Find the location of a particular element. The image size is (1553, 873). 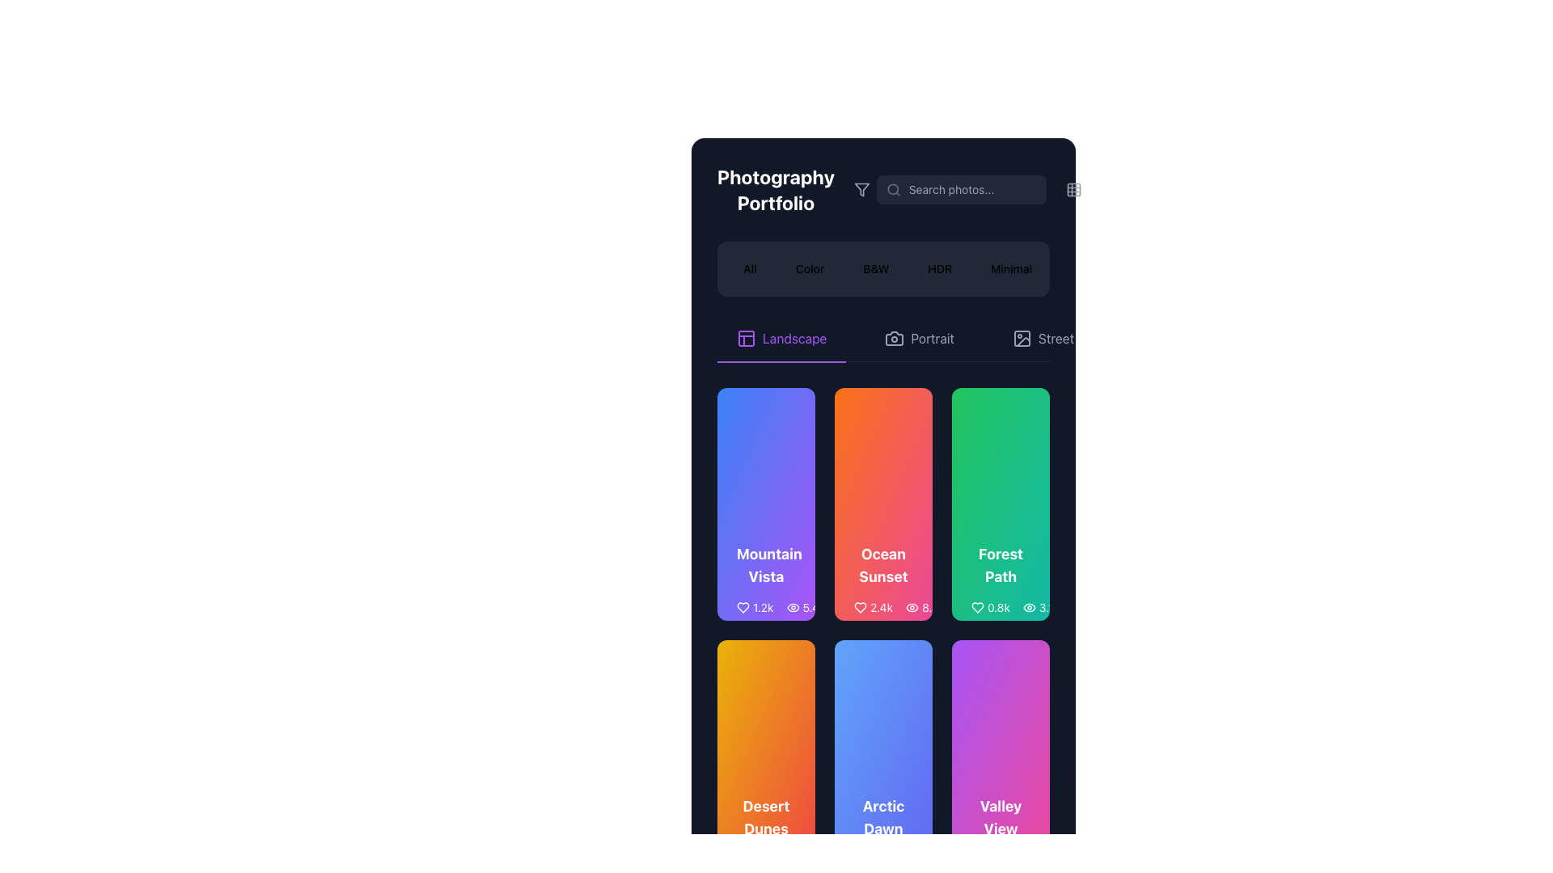

the text label displaying the value '5.4k', which is positioned next to an eye icon within the 'Ocean Sunset' card is located at coordinates (814, 608).